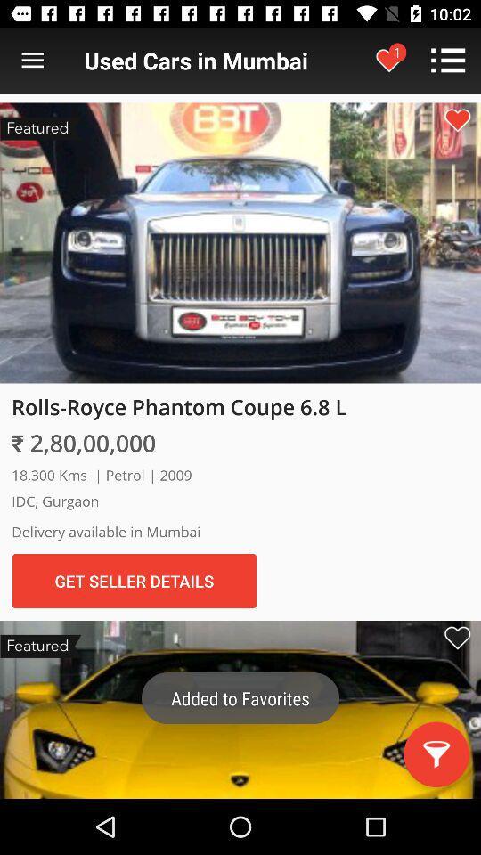 Image resolution: width=481 pixels, height=855 pixels. I want to click on like on picture, so click(457, 119).